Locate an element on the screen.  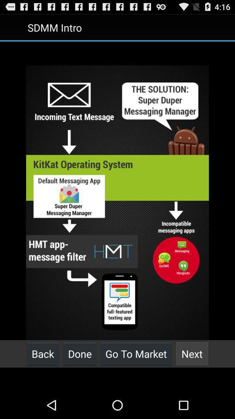
the item to the right of the go to market icon is located at coordinates (192, 354).